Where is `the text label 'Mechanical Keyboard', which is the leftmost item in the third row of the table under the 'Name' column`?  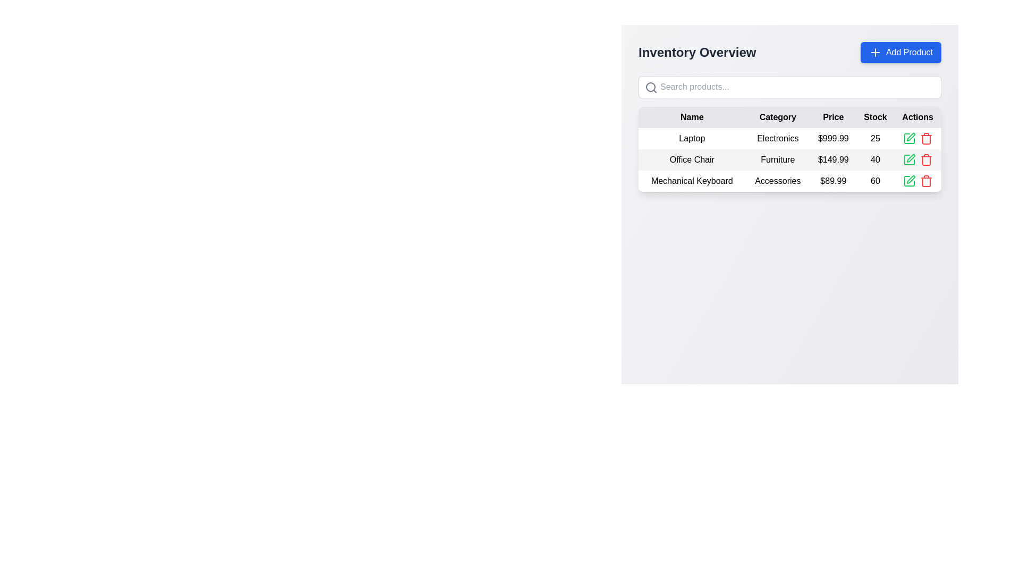
the text label 'Mechanical Keyboard', which is the leftmost item in the third row of the table under the 'Name' column is located at coordinates (692, 180).